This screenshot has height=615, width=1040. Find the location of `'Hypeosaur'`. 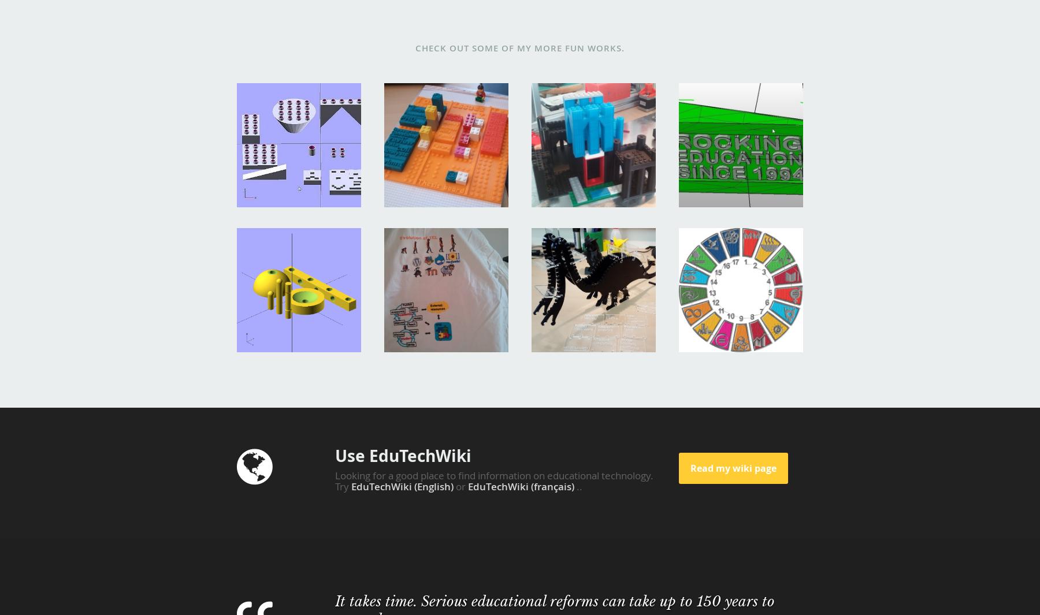

'Hypeosaur' is located at coordinates (563, 243).